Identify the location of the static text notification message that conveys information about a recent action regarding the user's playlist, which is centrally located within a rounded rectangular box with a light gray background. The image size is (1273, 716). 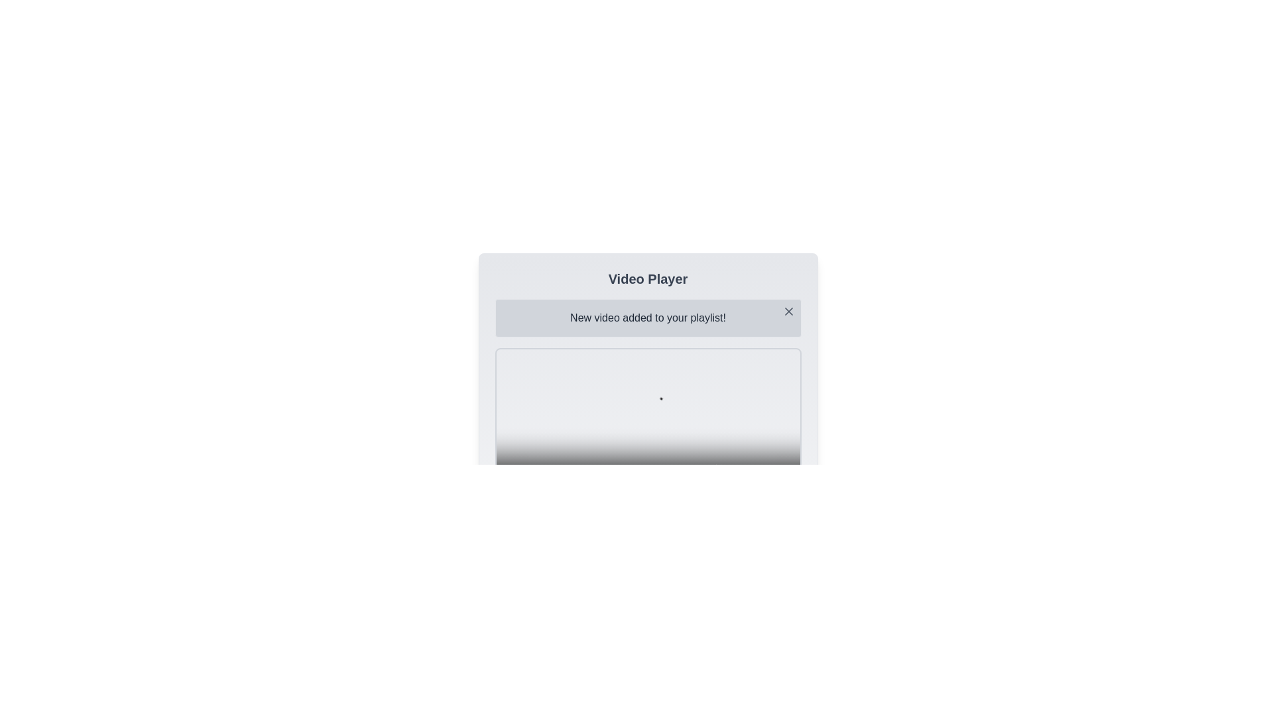
(648, 318).